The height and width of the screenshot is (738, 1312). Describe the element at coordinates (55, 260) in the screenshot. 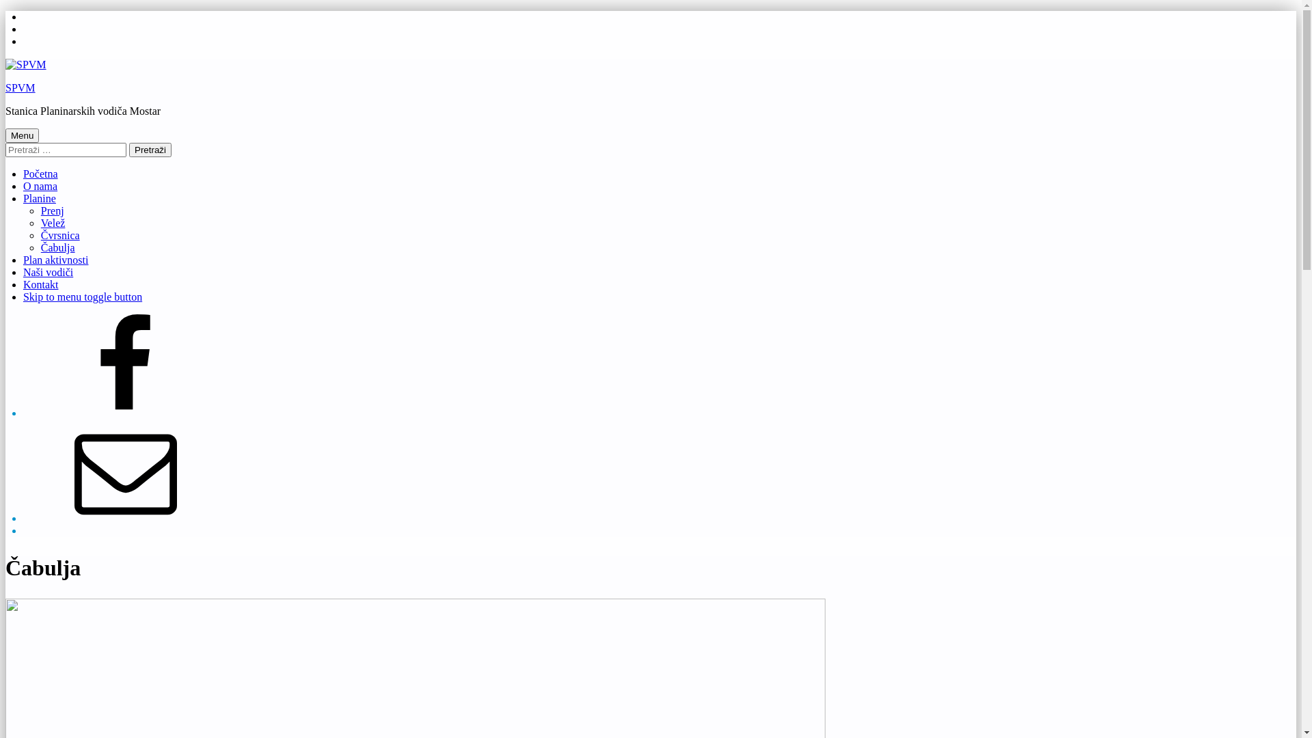

I see `'Plan aktivnosti'` at that location.